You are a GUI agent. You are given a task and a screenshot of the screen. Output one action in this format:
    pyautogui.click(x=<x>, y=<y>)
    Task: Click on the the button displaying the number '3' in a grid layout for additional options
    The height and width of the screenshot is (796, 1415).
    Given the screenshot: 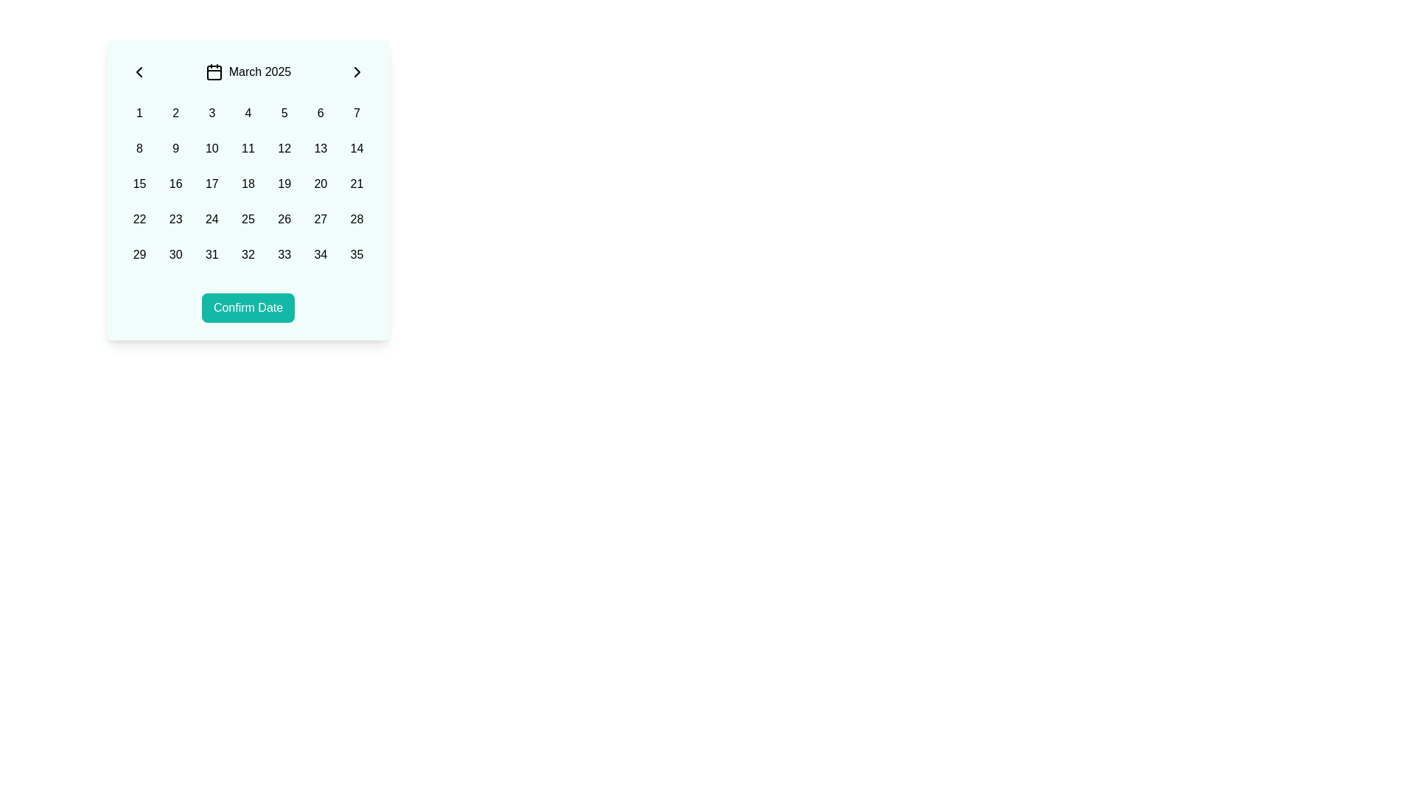 What is the action you would take?
    pyautogui.click(x=211, y=113)
    